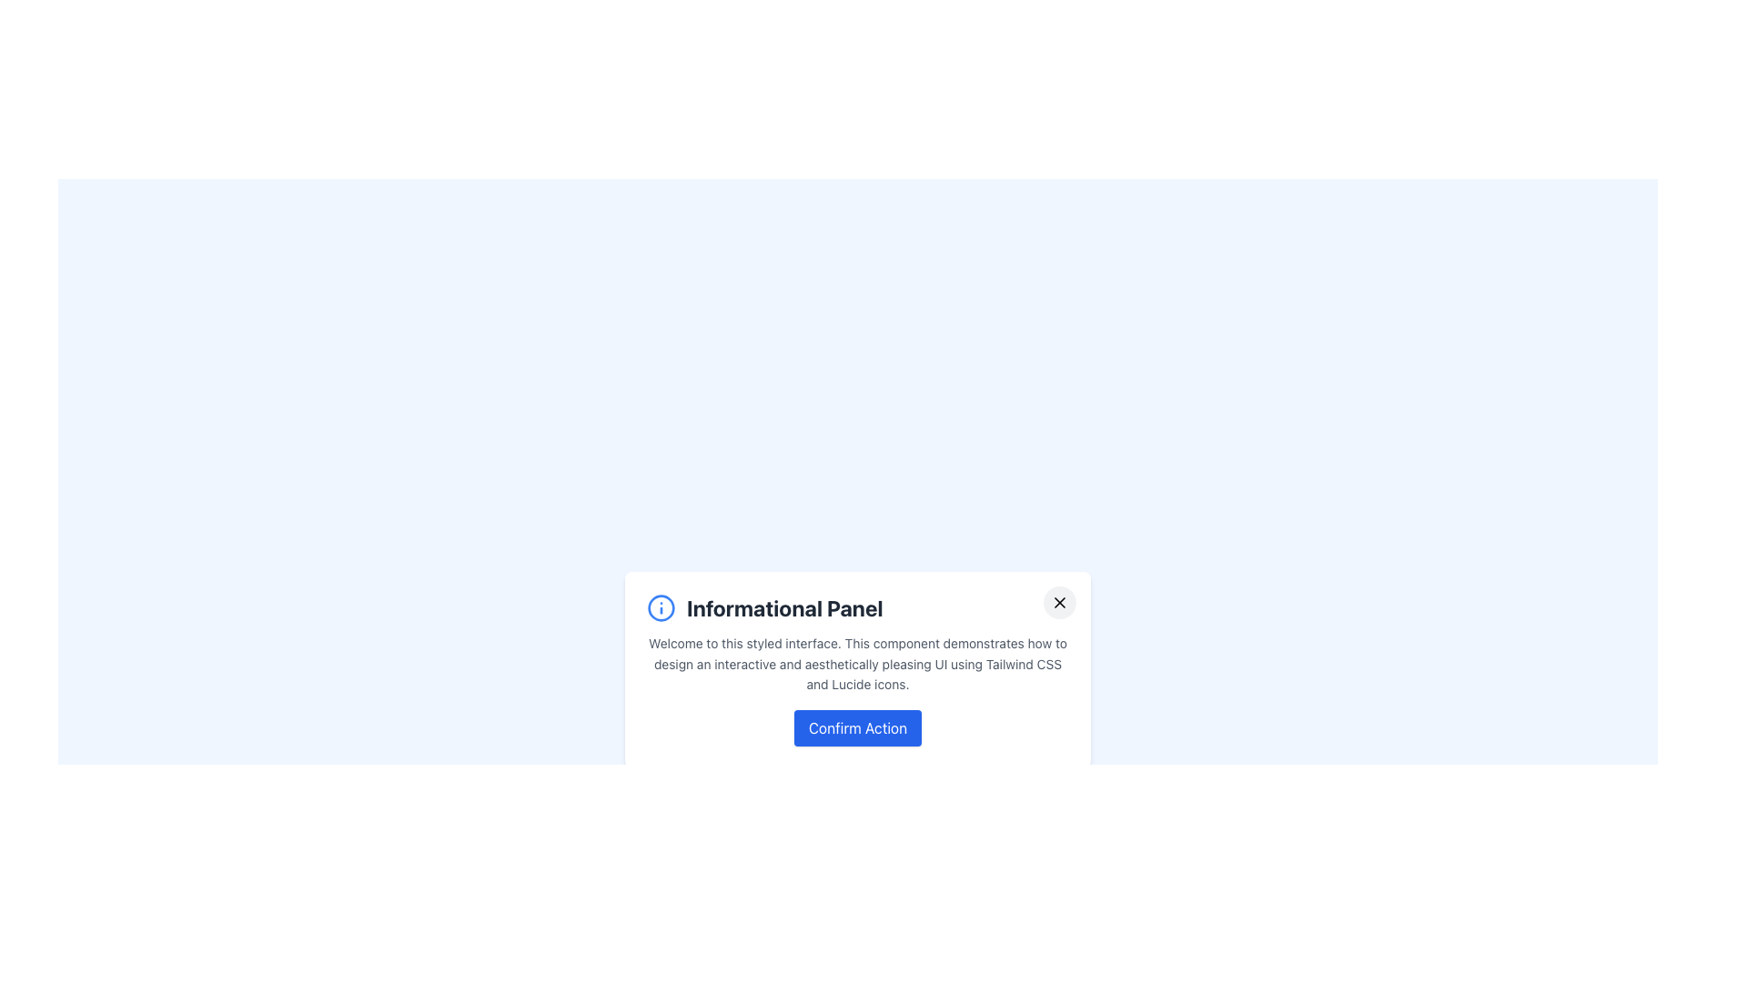  What do you see at coordinates (1060, 602) in the screenshot?
I see `the close button represented by the 'X' icon in the top-right corner of the 'Informational Panel'` at bounding box center [1060, 602].